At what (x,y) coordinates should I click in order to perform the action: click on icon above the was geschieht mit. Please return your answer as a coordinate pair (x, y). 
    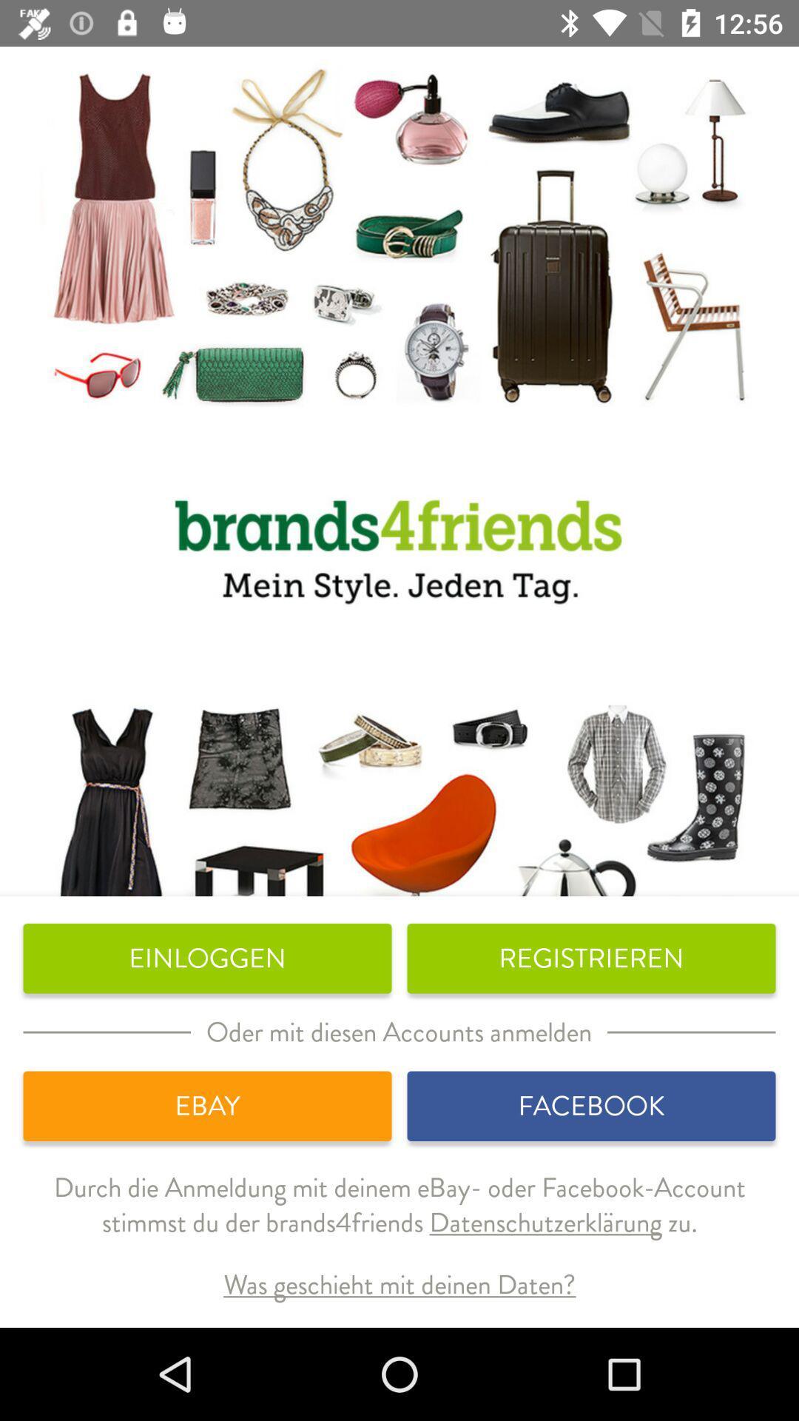
    Looking at the image, I should click on (399, 1217).